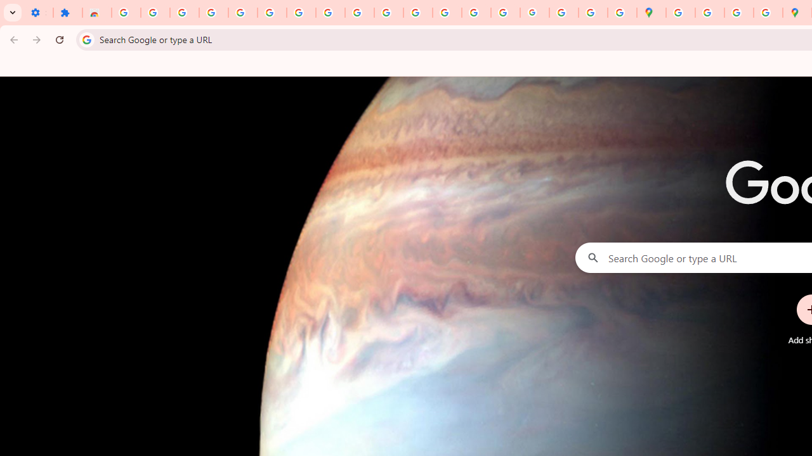 Image resolution: width=812 pixels, height=456 pixels. What do you see at coordinates (767, 13) in the screenshot?
I see `'Safety in Our Products - Google Safety Center'` at bounding box center [767, 13].